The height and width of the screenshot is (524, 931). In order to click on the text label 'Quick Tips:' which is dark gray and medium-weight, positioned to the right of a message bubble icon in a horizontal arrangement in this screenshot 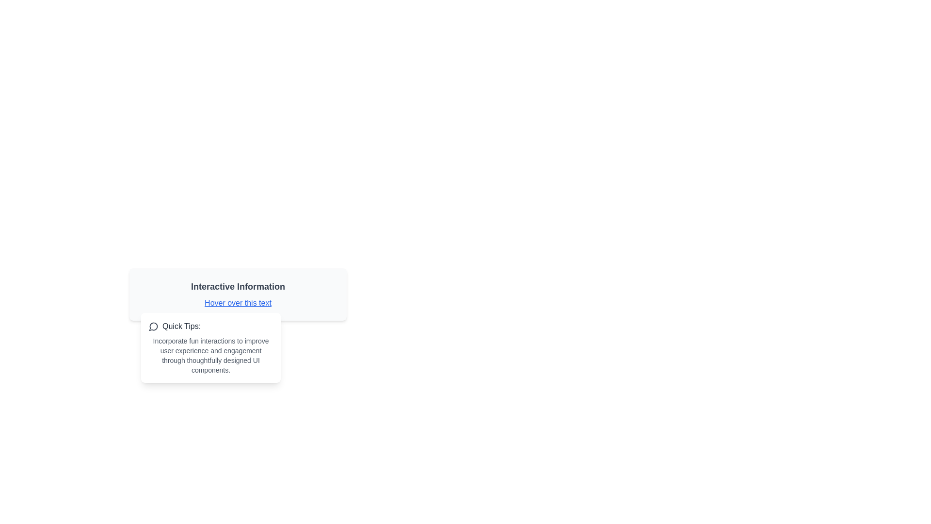, I will do `click(181, 326)`.